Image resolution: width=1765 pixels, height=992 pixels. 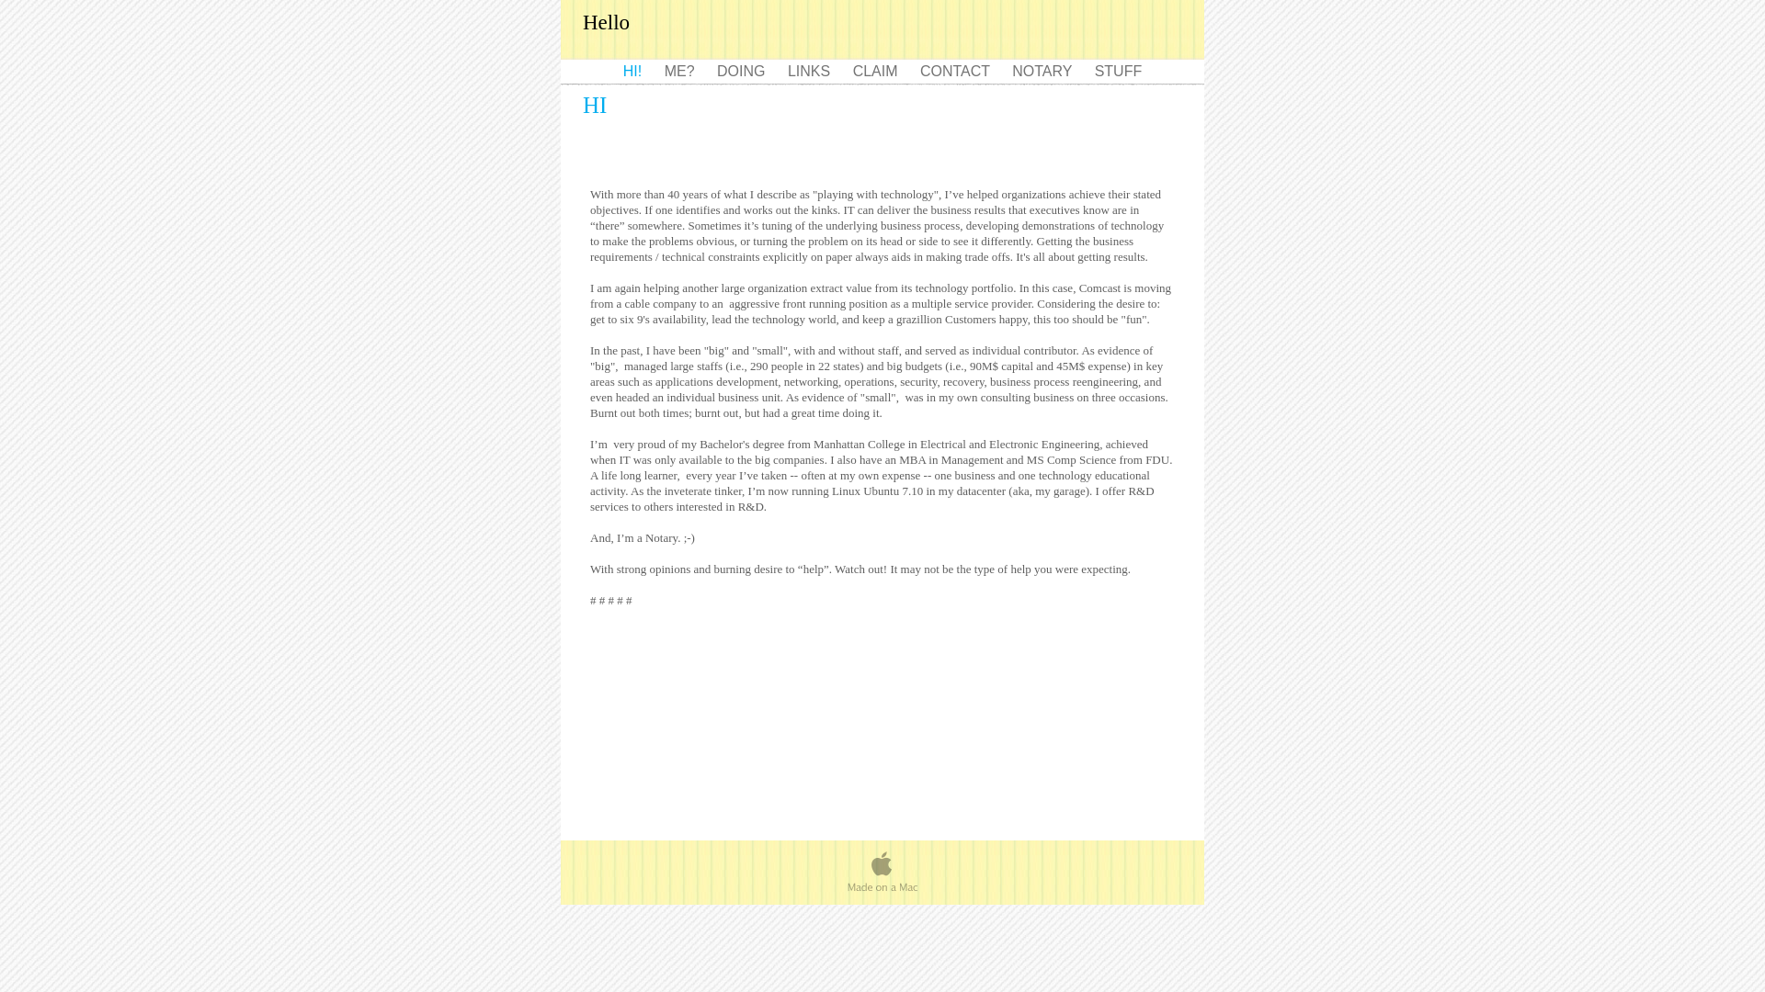 What do you see at coordinates (743, 70) in the screenshot?
I see `'DOING'` at bounding box center [743, 70].